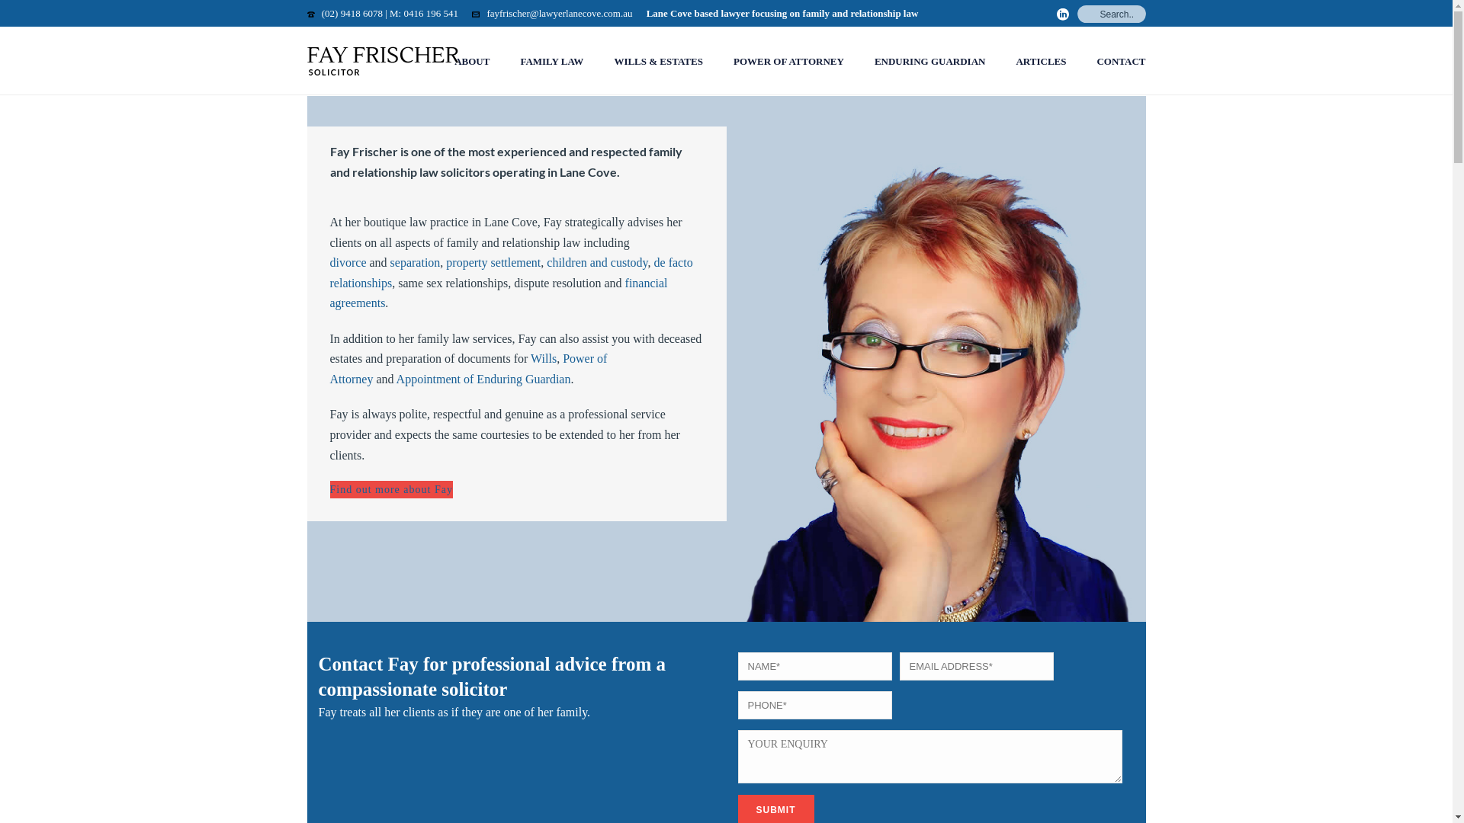 Image resolution: width=1464 pixels, height=823 pixels. What do you see at coordinates (329, 272) in the screenshot?
I see `'de facto relationships'` at bounding box center [329, 272].